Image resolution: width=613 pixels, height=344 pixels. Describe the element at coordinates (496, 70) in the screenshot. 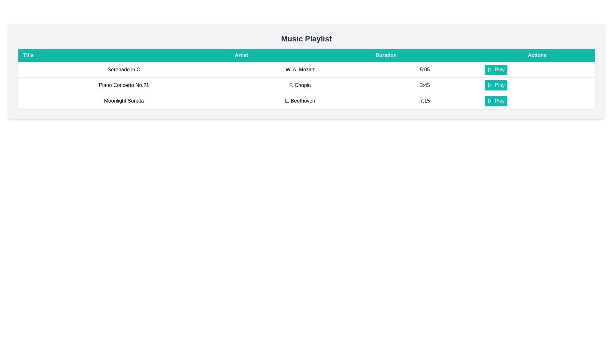

I see `the first button in the 'Actions' column of the first row of the table to observe the state change` at that location.